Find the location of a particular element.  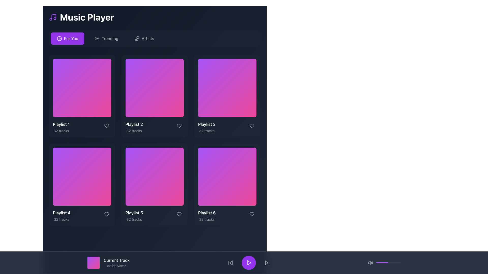

the heart-shaped icon to 'like' the playlist located to the right of the 'Playlist 2' title in the music player interface is located at coordinates (179, 126).